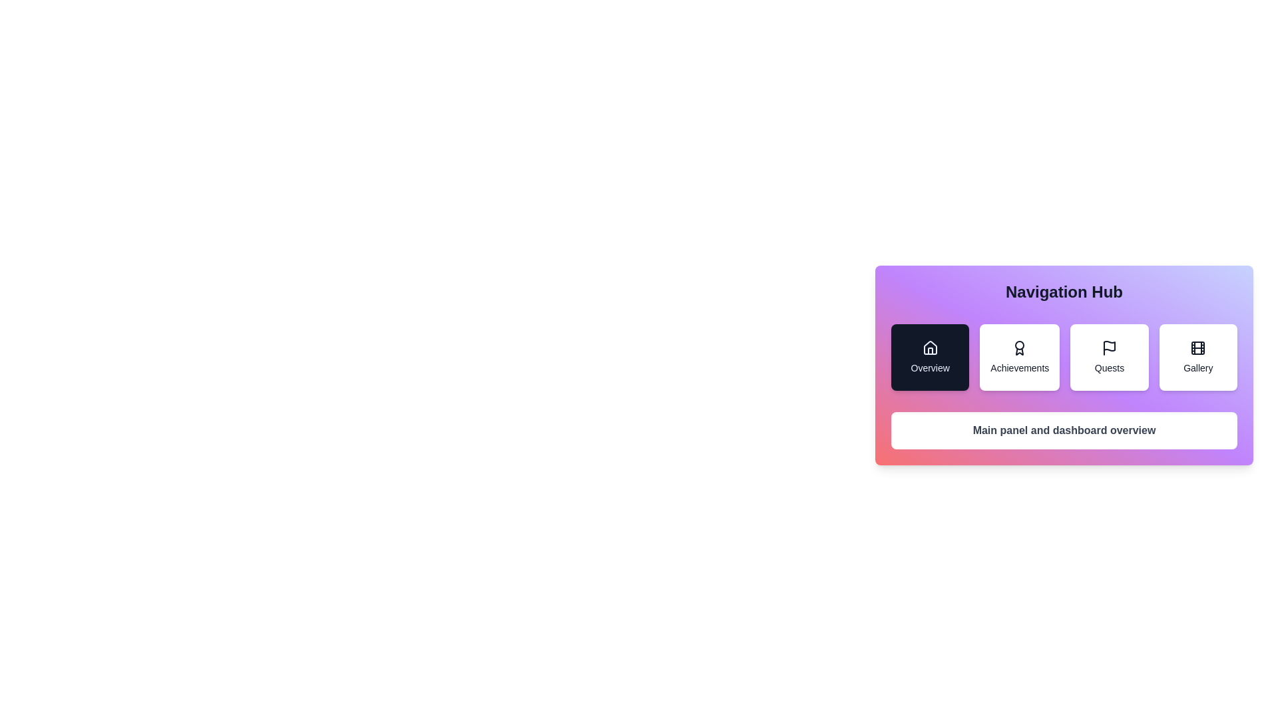 Image resolution: width=1278 pixels, height=719 pixels. What do you see at coordinates (1019, 345) in the screenshot?
I see `SVG Circle element that is part of the award icon, located in the second position from the left among four horizontally aligned icons in a navigation module` at bounding box center [1019, 345].